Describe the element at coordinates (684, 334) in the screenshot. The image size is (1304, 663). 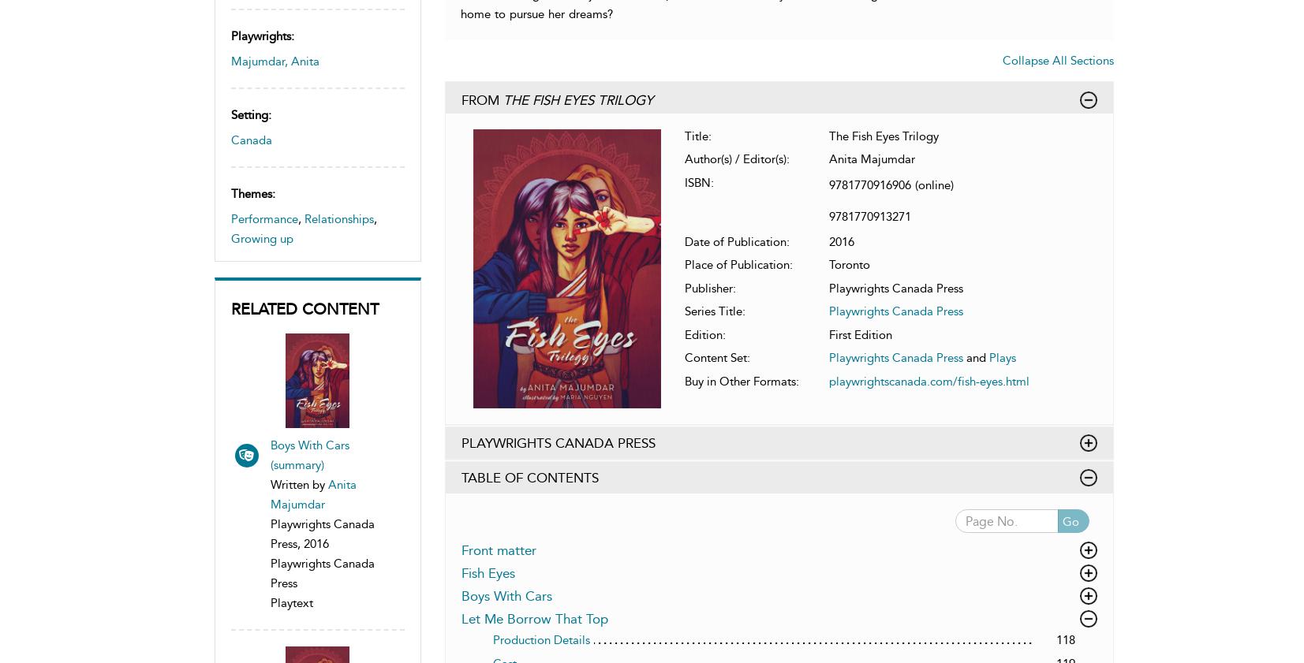
I see `'Edition:'` at that location.